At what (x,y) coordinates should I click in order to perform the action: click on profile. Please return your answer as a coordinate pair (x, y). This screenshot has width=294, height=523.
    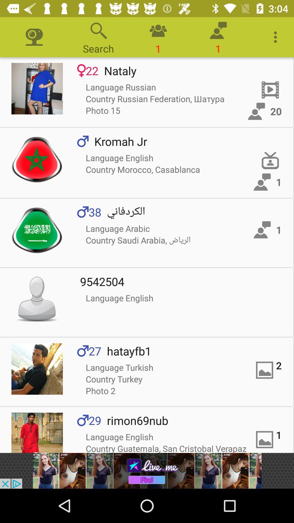
    Looking at the image, I should click on (37, 369).